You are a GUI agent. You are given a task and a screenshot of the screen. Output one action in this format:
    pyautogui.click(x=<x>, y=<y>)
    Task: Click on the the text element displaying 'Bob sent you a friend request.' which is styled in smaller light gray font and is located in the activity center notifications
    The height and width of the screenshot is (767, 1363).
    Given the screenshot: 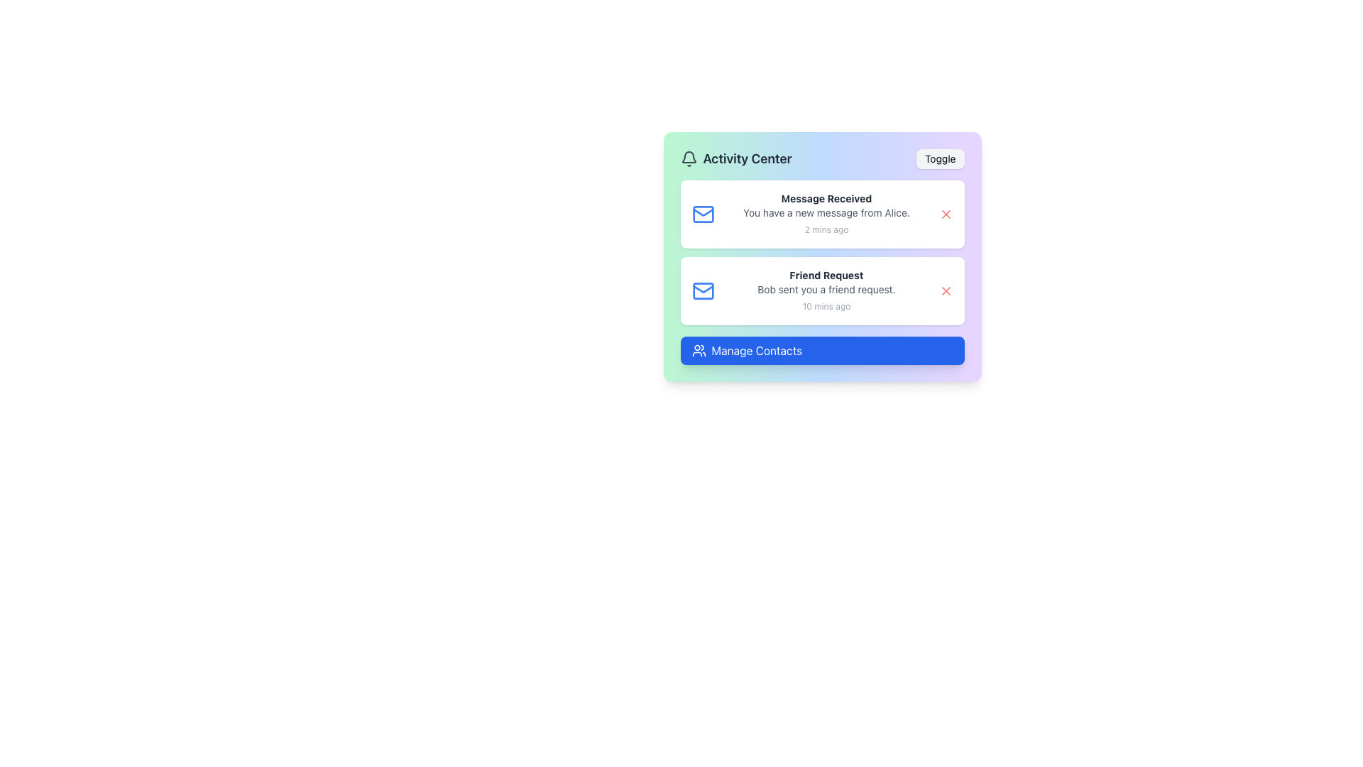 What is the action you would take?
    pyautogui.click(x=826, y=289)
    